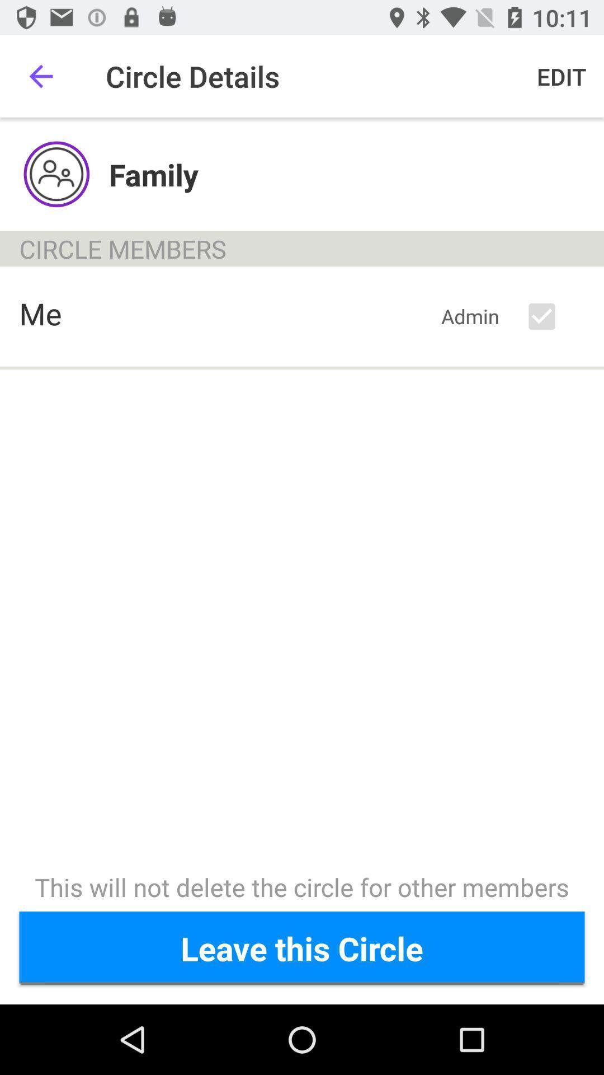 This screenshot has height=1075, width=604. What do you see at coordinates (551, 316) in the screenshot?
I see `tap the check box which is next to the admin` at bounding box center [551, 316].